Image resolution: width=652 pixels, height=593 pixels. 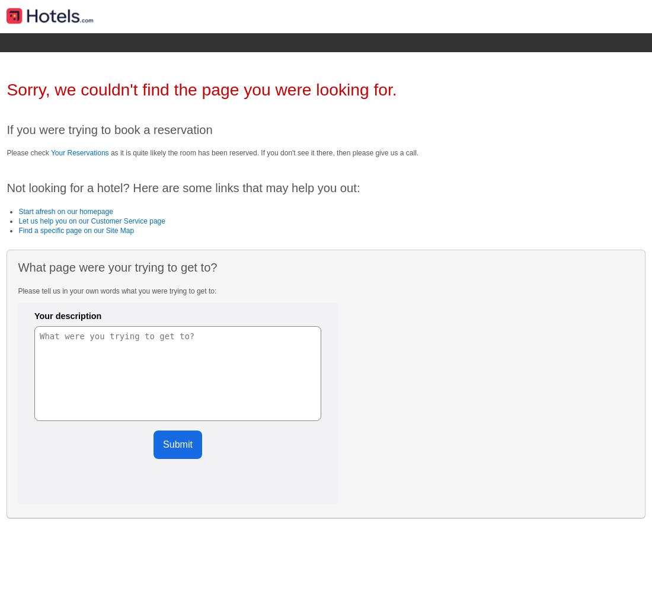 I want to click on 'Please tell us in your own words what you were trying to get to:', so click(x=17, y=290).